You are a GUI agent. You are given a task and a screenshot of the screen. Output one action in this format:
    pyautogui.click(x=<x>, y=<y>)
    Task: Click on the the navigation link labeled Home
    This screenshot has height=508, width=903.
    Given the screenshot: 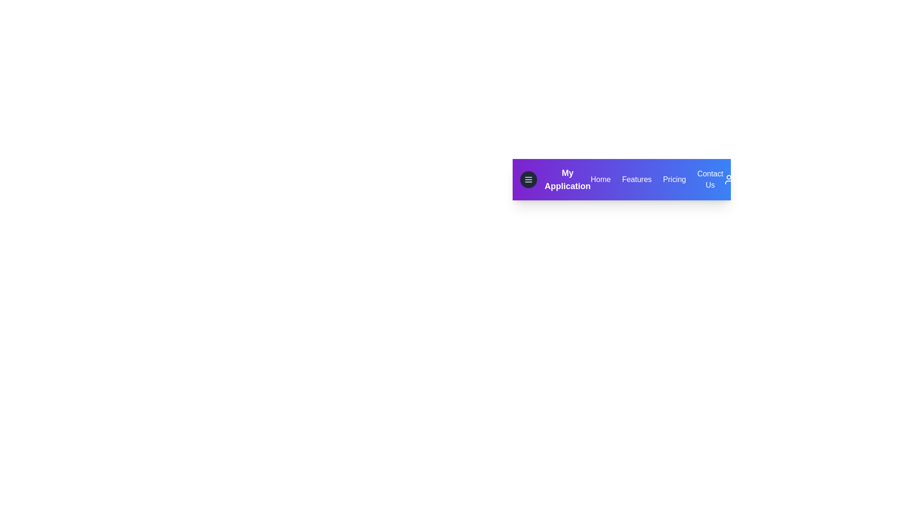 What is the action you would take?
    pyautogui.click(x=600, y=179)
    